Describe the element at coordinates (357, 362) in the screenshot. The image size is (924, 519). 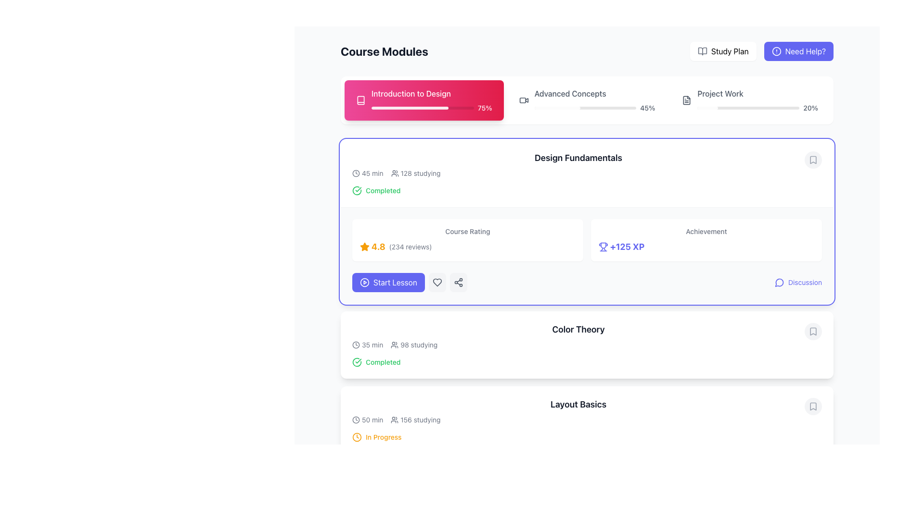
I see `the status indicator icon for the 'Color Theory' module, which signifies its completion and is located to the left of the 'Completed' label` at that location.